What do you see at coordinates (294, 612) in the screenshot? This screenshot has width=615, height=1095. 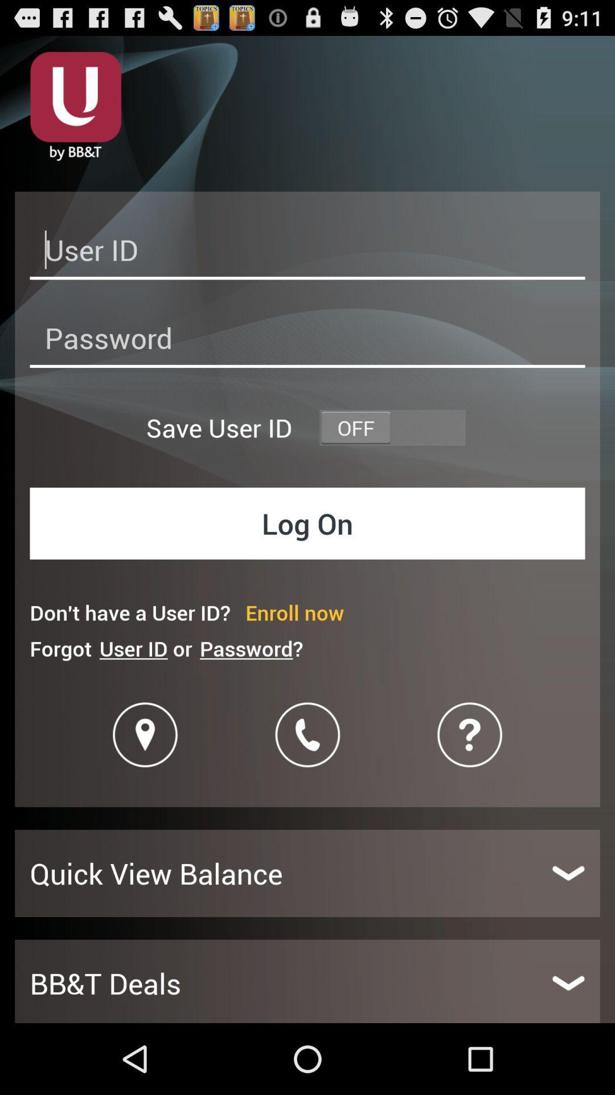 I see `item above password?` at bounding box center [294, 612].